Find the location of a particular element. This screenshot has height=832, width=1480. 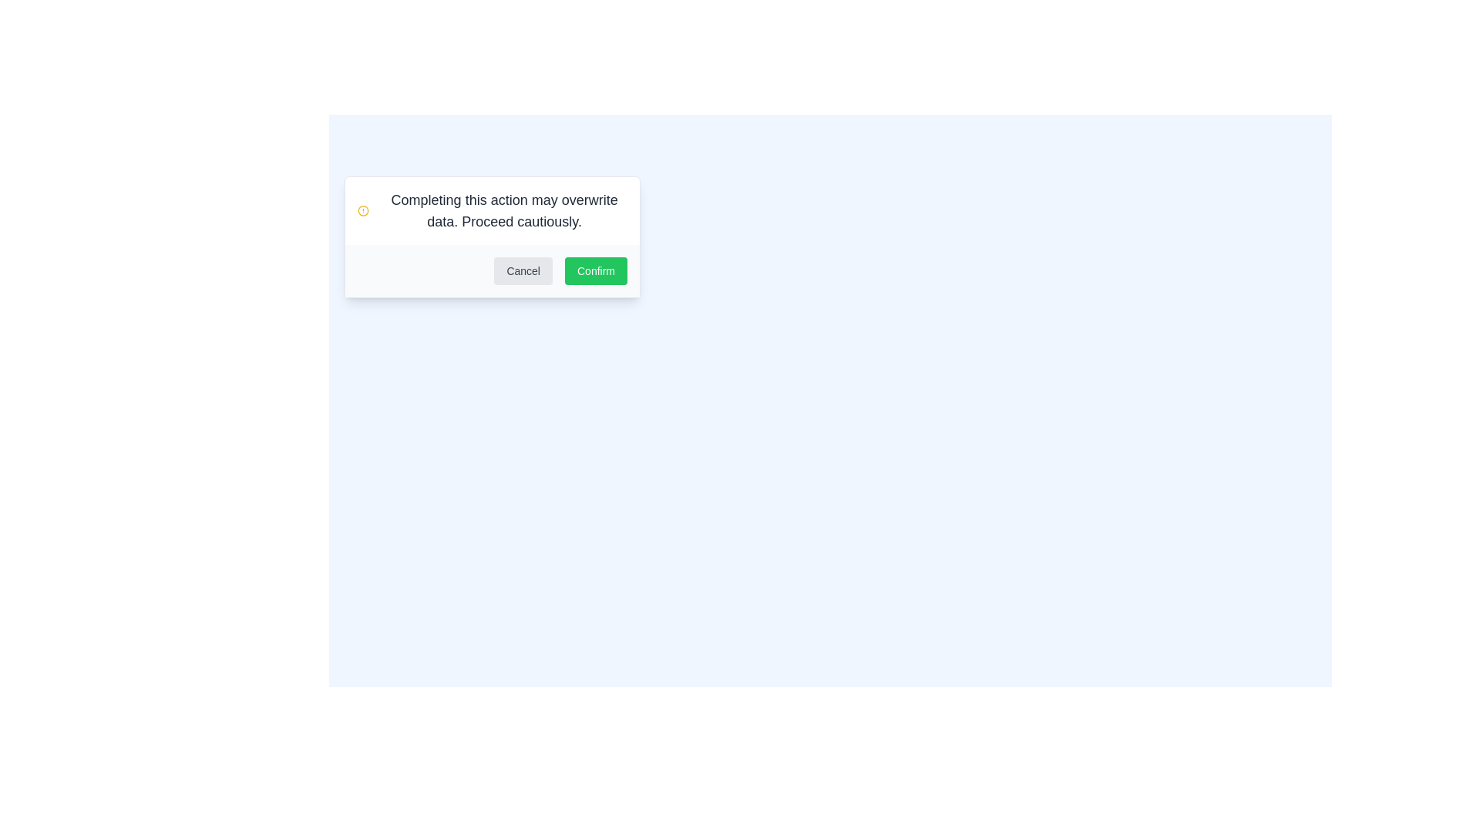

the yellow circular icon with an alert symbol, located to the left of the message box stating 'Completing this action may overwrite data. Proceed cautiously.' is located at coordinates (362, 210).